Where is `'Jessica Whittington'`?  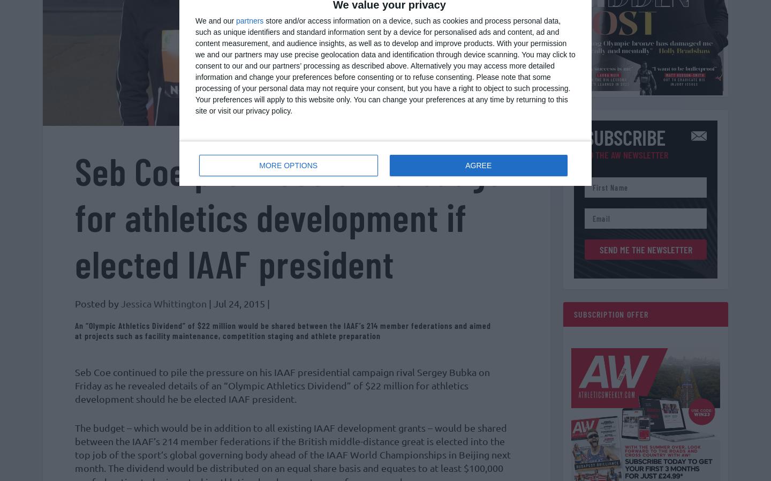 'Jessica Whittington' is located at coordinates (164, 308).